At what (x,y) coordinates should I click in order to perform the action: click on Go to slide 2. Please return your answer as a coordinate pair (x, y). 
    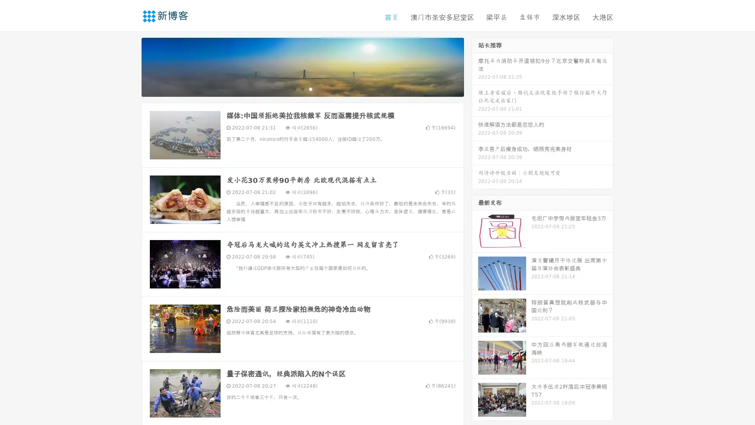
    Looking at the image, I should click on (302, 89).